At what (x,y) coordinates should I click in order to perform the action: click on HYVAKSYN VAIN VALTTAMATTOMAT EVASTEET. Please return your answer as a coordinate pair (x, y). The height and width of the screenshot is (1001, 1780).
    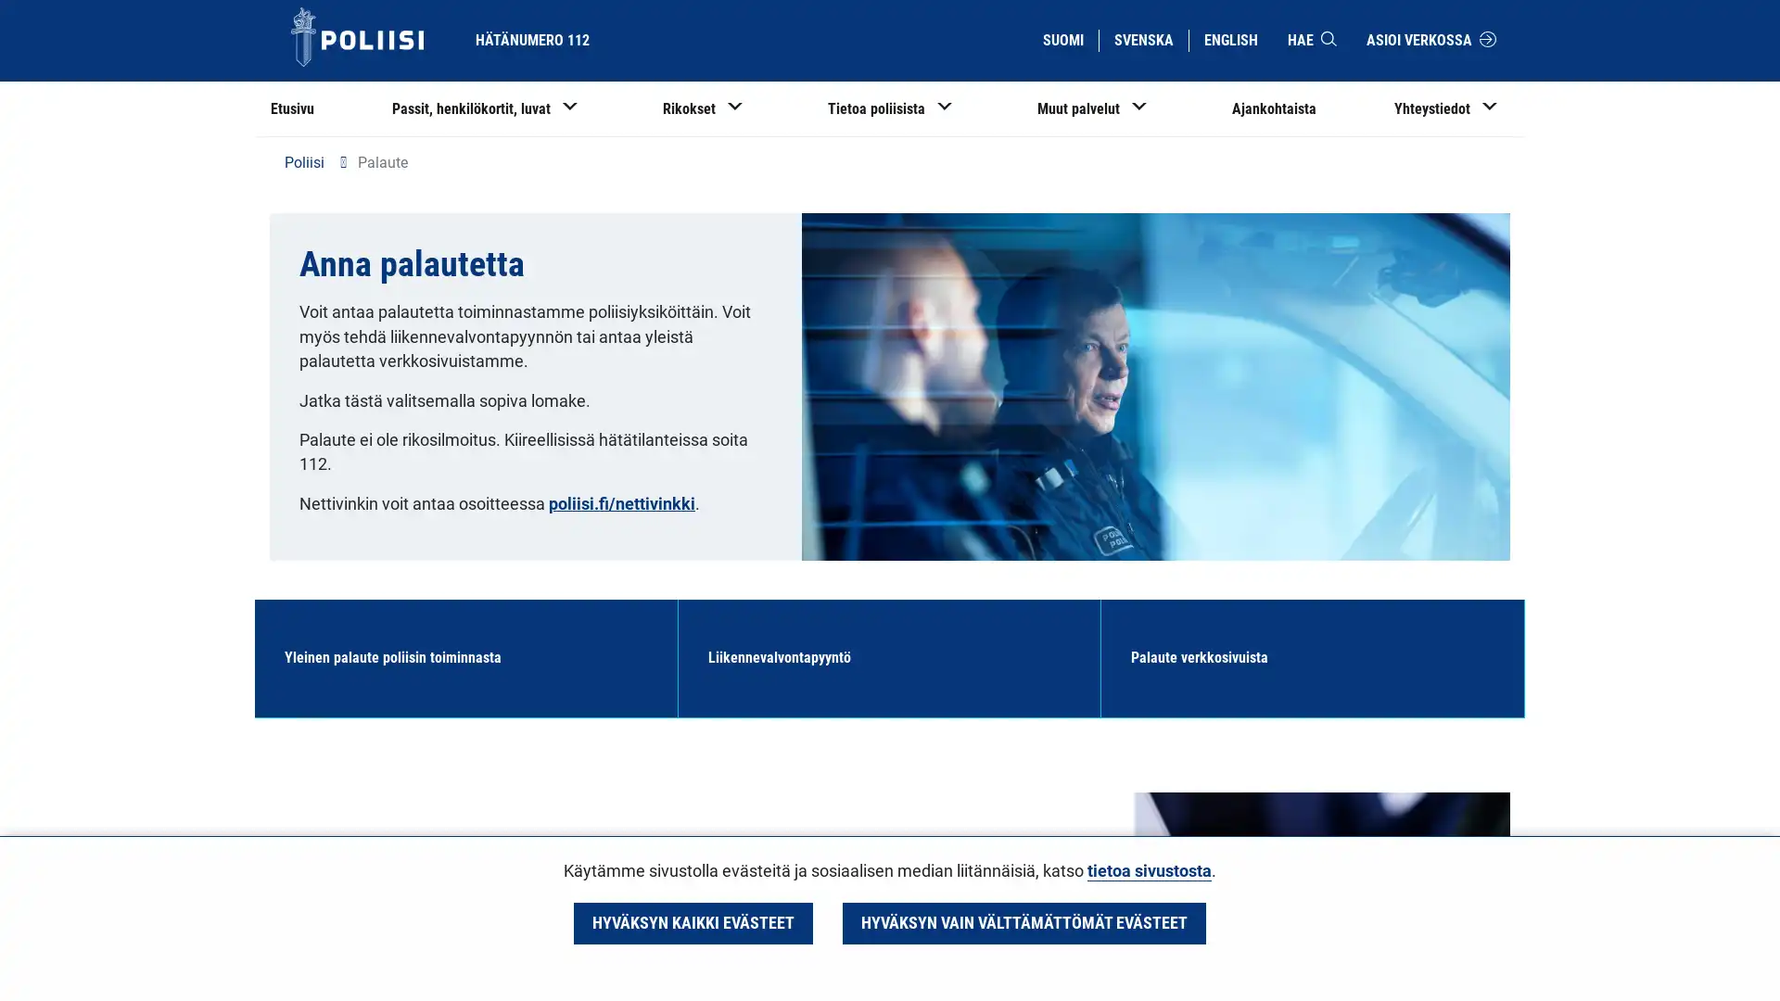
    Looking at the image, I should click on (1023, 922).